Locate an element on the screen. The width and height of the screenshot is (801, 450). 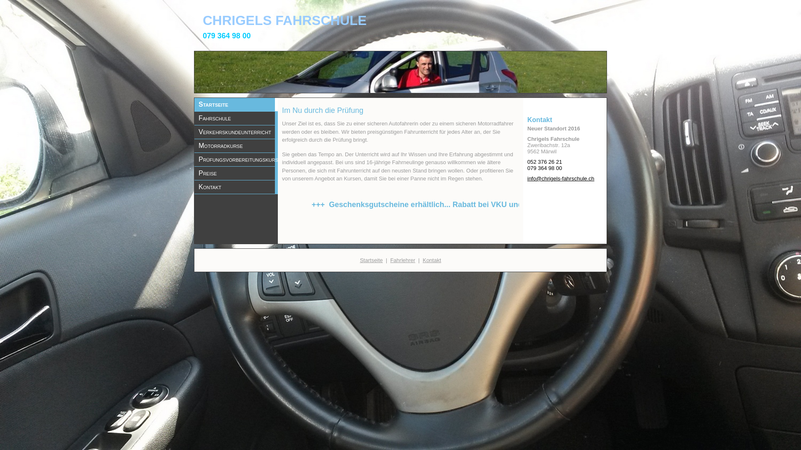
'Preise' is located at coordinates (236, 173).